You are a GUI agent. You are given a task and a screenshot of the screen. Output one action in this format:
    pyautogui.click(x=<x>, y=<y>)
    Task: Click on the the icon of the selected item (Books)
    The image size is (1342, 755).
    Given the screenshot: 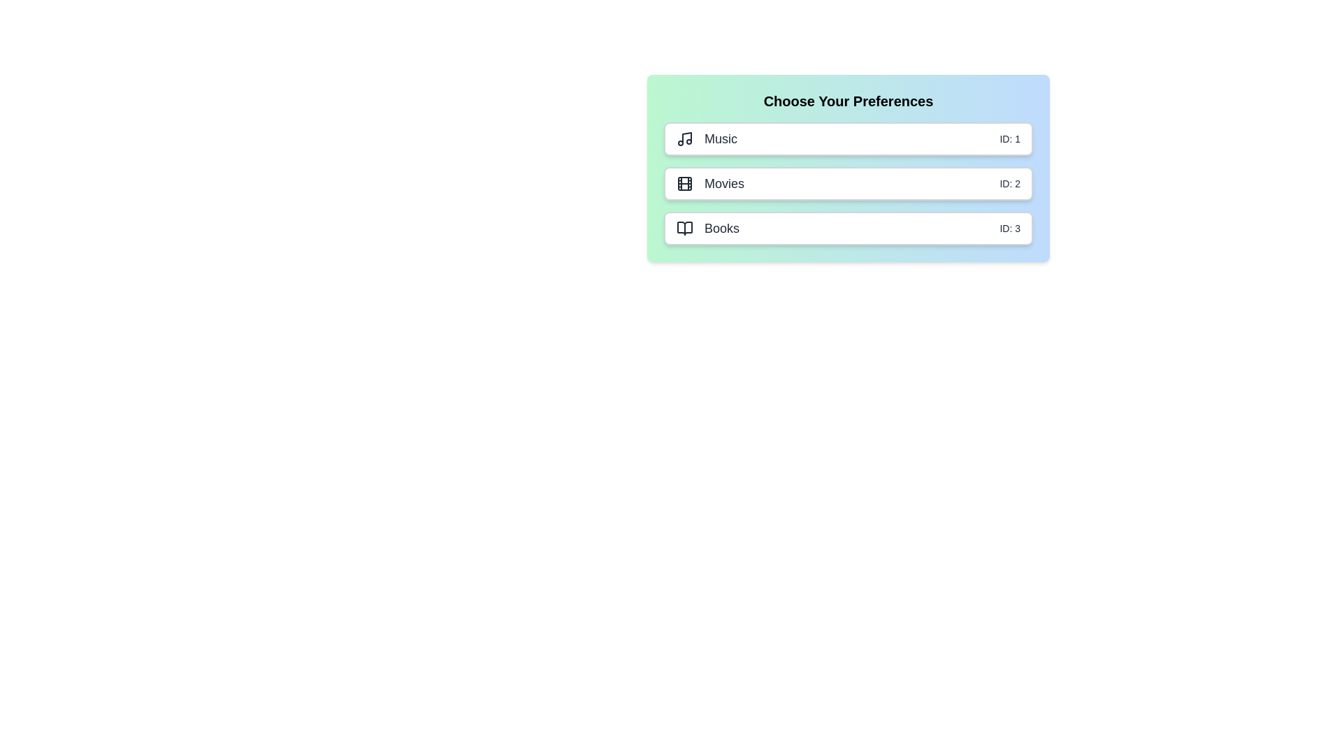 What is the action you would take?
    pyautogui.click(x=684, y=228)
    